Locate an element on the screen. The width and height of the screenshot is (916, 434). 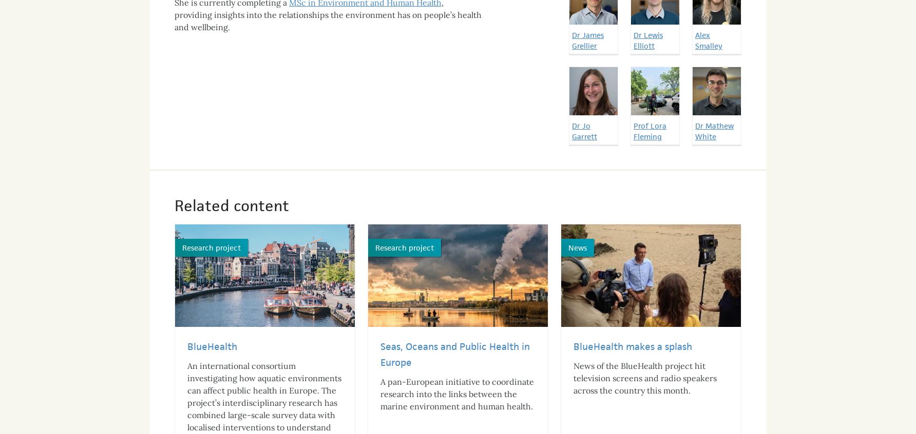
'News' is located at coordinates (567, 238).